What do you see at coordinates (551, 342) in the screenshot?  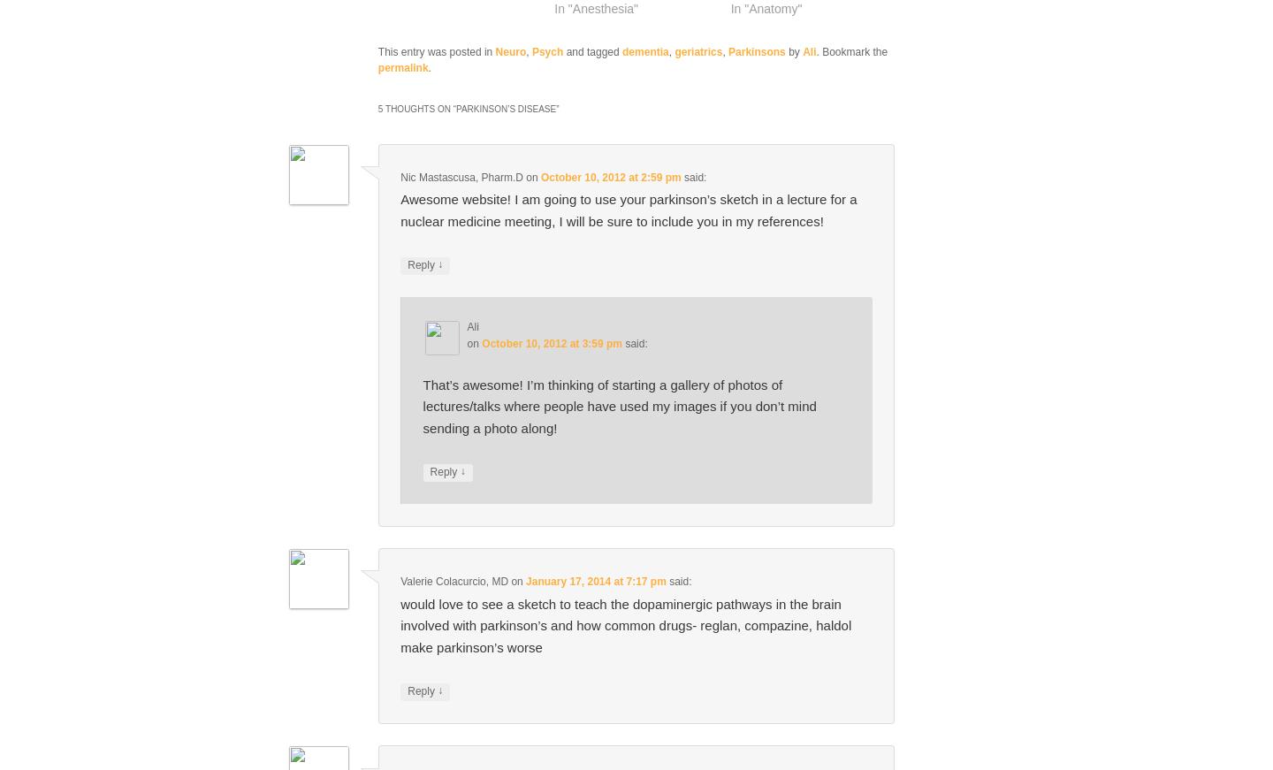 I see `'October 10, 2012 at 3:59 pm'` at bounding box center [551, 342].